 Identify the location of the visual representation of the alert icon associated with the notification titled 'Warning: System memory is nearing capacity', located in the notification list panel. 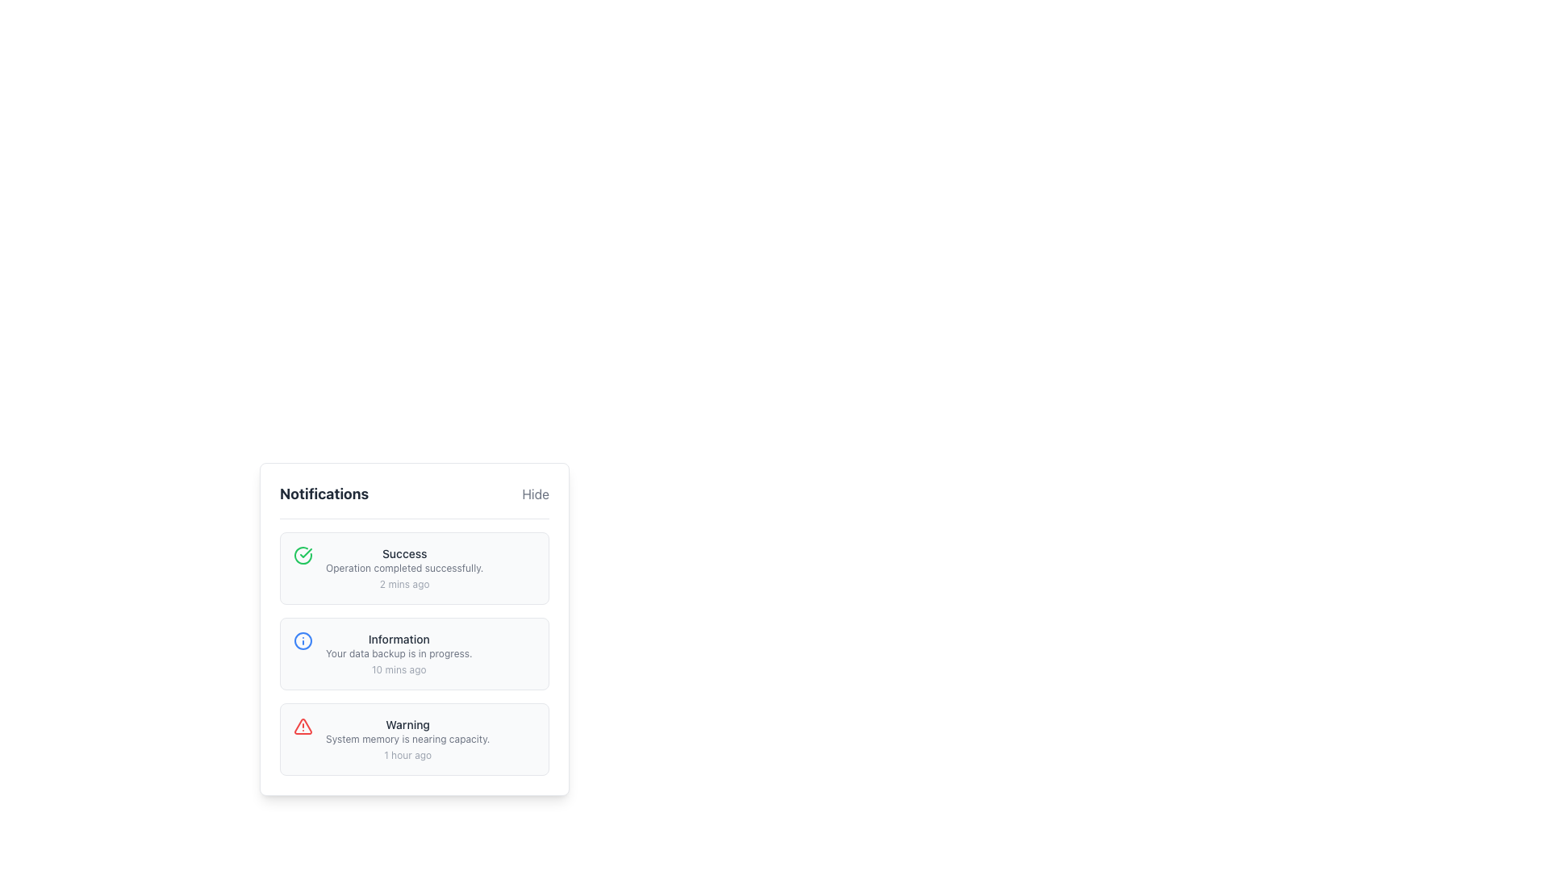
(303, 727).